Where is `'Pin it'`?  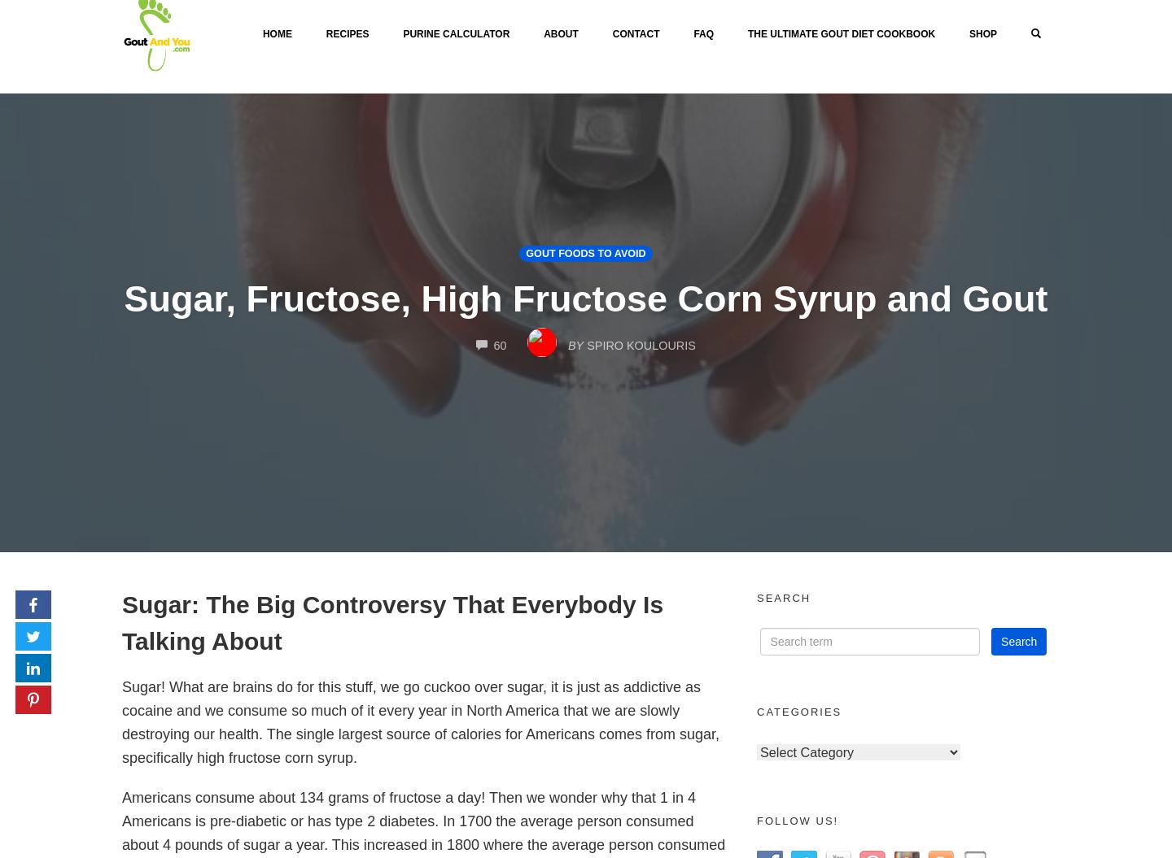 'Pin it' is located at coordinates (59, 713).